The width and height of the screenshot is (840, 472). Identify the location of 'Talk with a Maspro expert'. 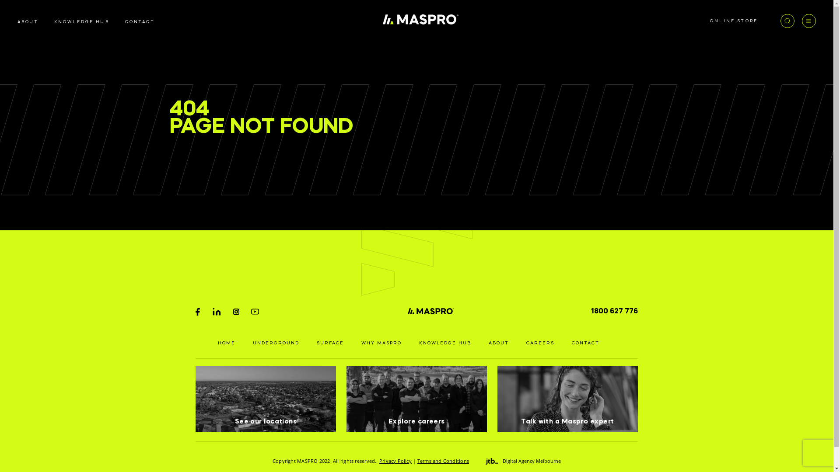
(567, 399).